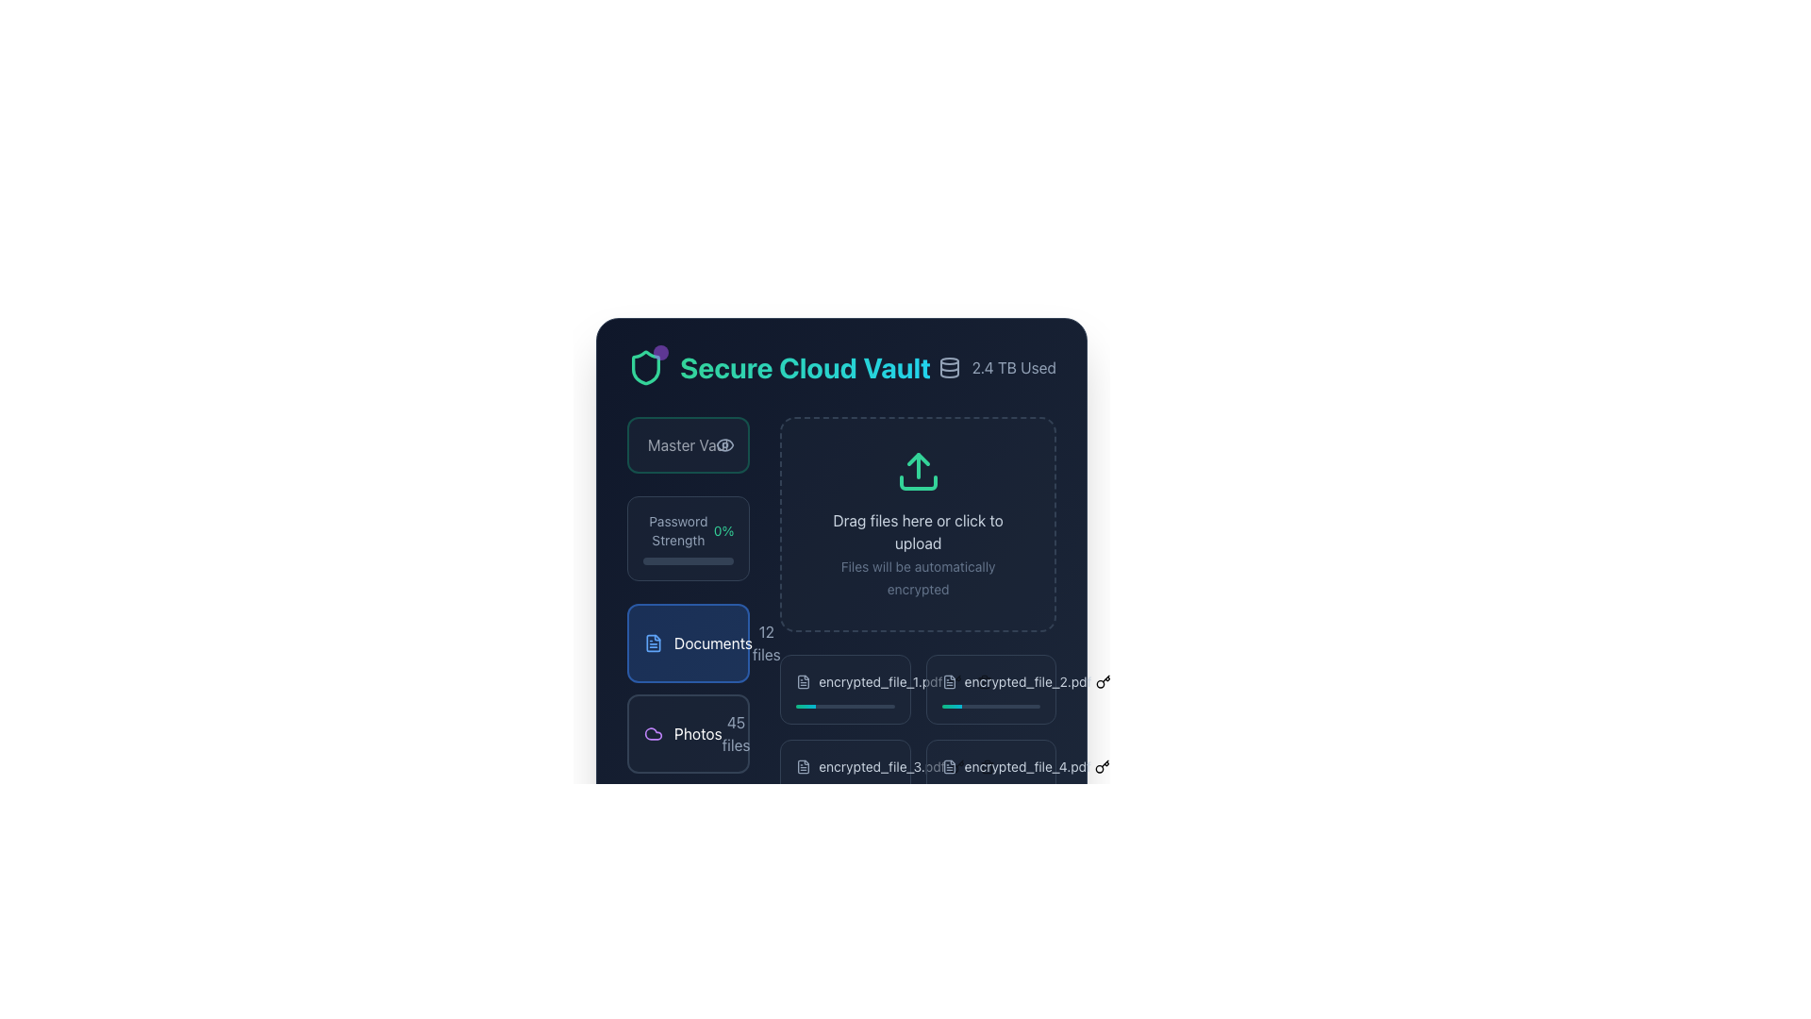 The height and width of the screenshot is (1019, 1811). I want to click on to select the file entry representing 'encrypted_file_2.pdf' located in the Documents section of the user interface, so click(1016, 681).